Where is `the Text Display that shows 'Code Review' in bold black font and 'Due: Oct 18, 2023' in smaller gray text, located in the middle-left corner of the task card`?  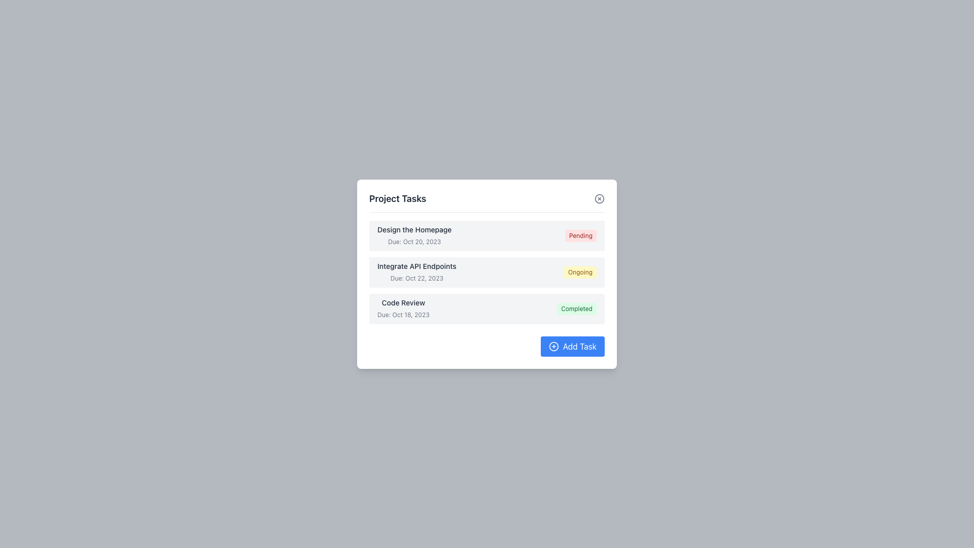 the Text Display that shows 'Code Review' in bold black font and 'Due: Oct 18, 2023' in smaller gray text, located in the middle-left corner of the task card is located at coordinates (403, 308).